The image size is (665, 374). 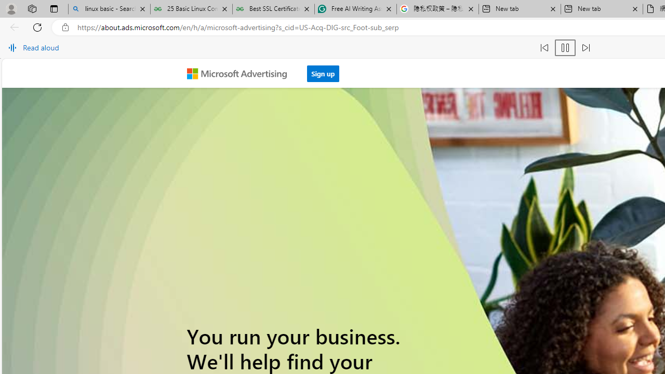 What do you see at coordinates (586, 48) in the screenshot?
I see `'Read next paragraph'` at bounding box center [586, 48].